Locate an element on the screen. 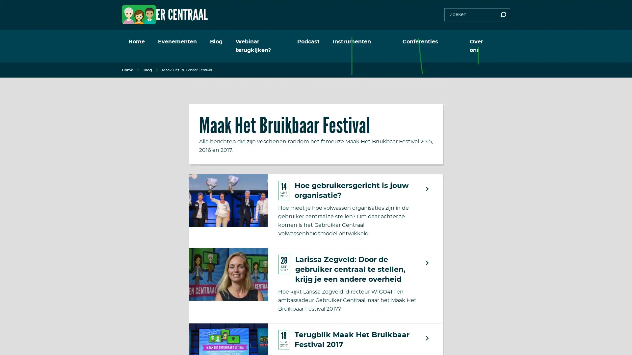 The width and height of the screenshot is (632, 355). Zoek is located at coordinates (503, 15).